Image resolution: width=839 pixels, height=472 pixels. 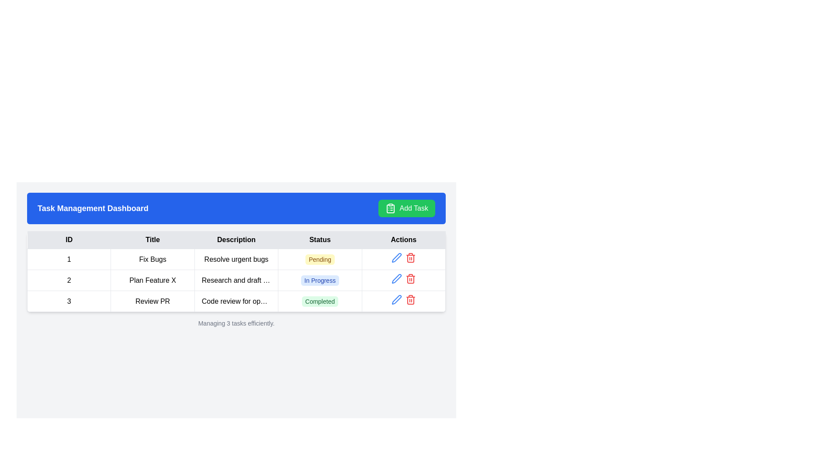 What do you see at coordinates (319, 301) in the screenshot?
I see `status from the label indicating that the associated task is completed, located in the 'Status' column of the third row of the table, before the 'Actions' column` at bounding box center [319, 301].